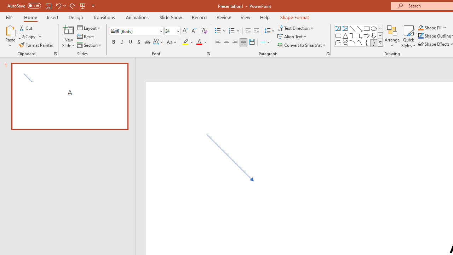 The height and width of the screenshot is (255, 453). I want to click on 'Cut', so click(26, 28).